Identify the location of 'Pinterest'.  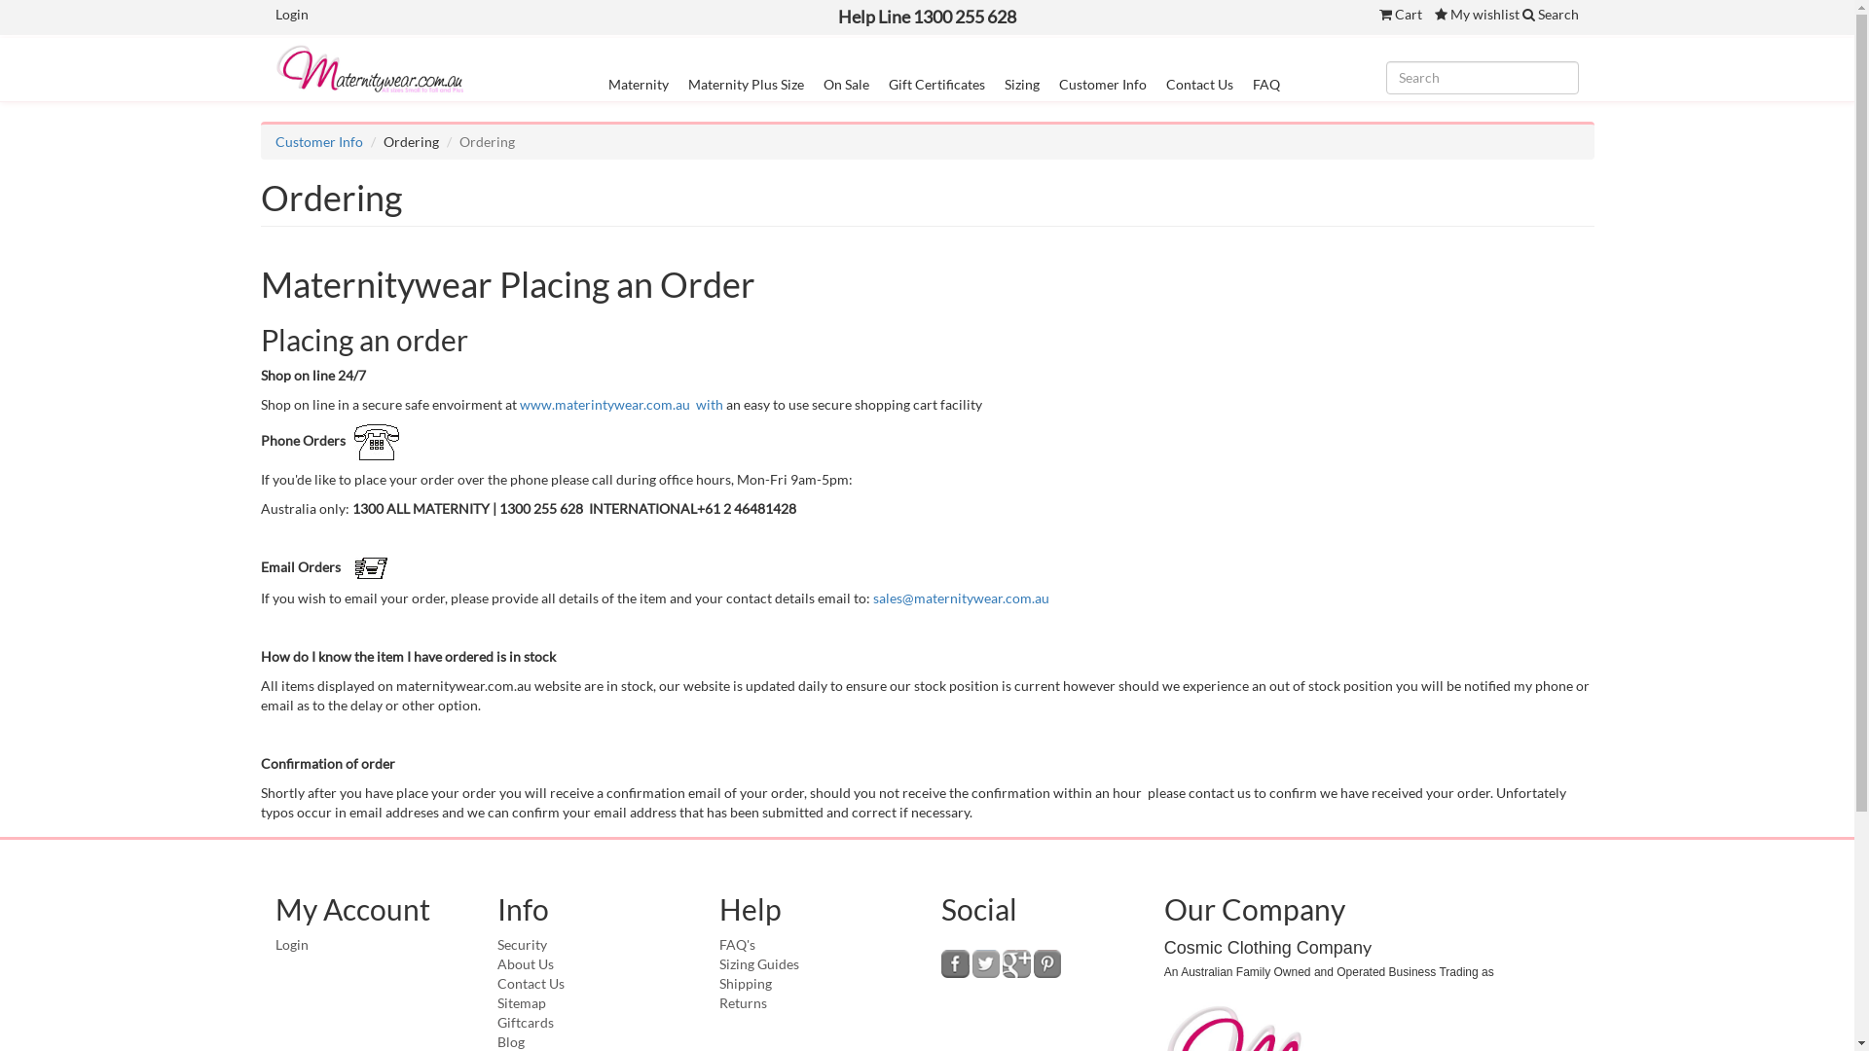
(1046, 963).